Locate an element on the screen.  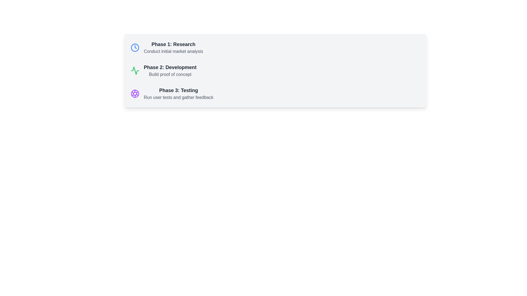
the SVG Circle Shape that represents a clock icon in the 'Phase 1: Research' section, located on the left side of the vertical list of phases is located at coordinates (135, 47).